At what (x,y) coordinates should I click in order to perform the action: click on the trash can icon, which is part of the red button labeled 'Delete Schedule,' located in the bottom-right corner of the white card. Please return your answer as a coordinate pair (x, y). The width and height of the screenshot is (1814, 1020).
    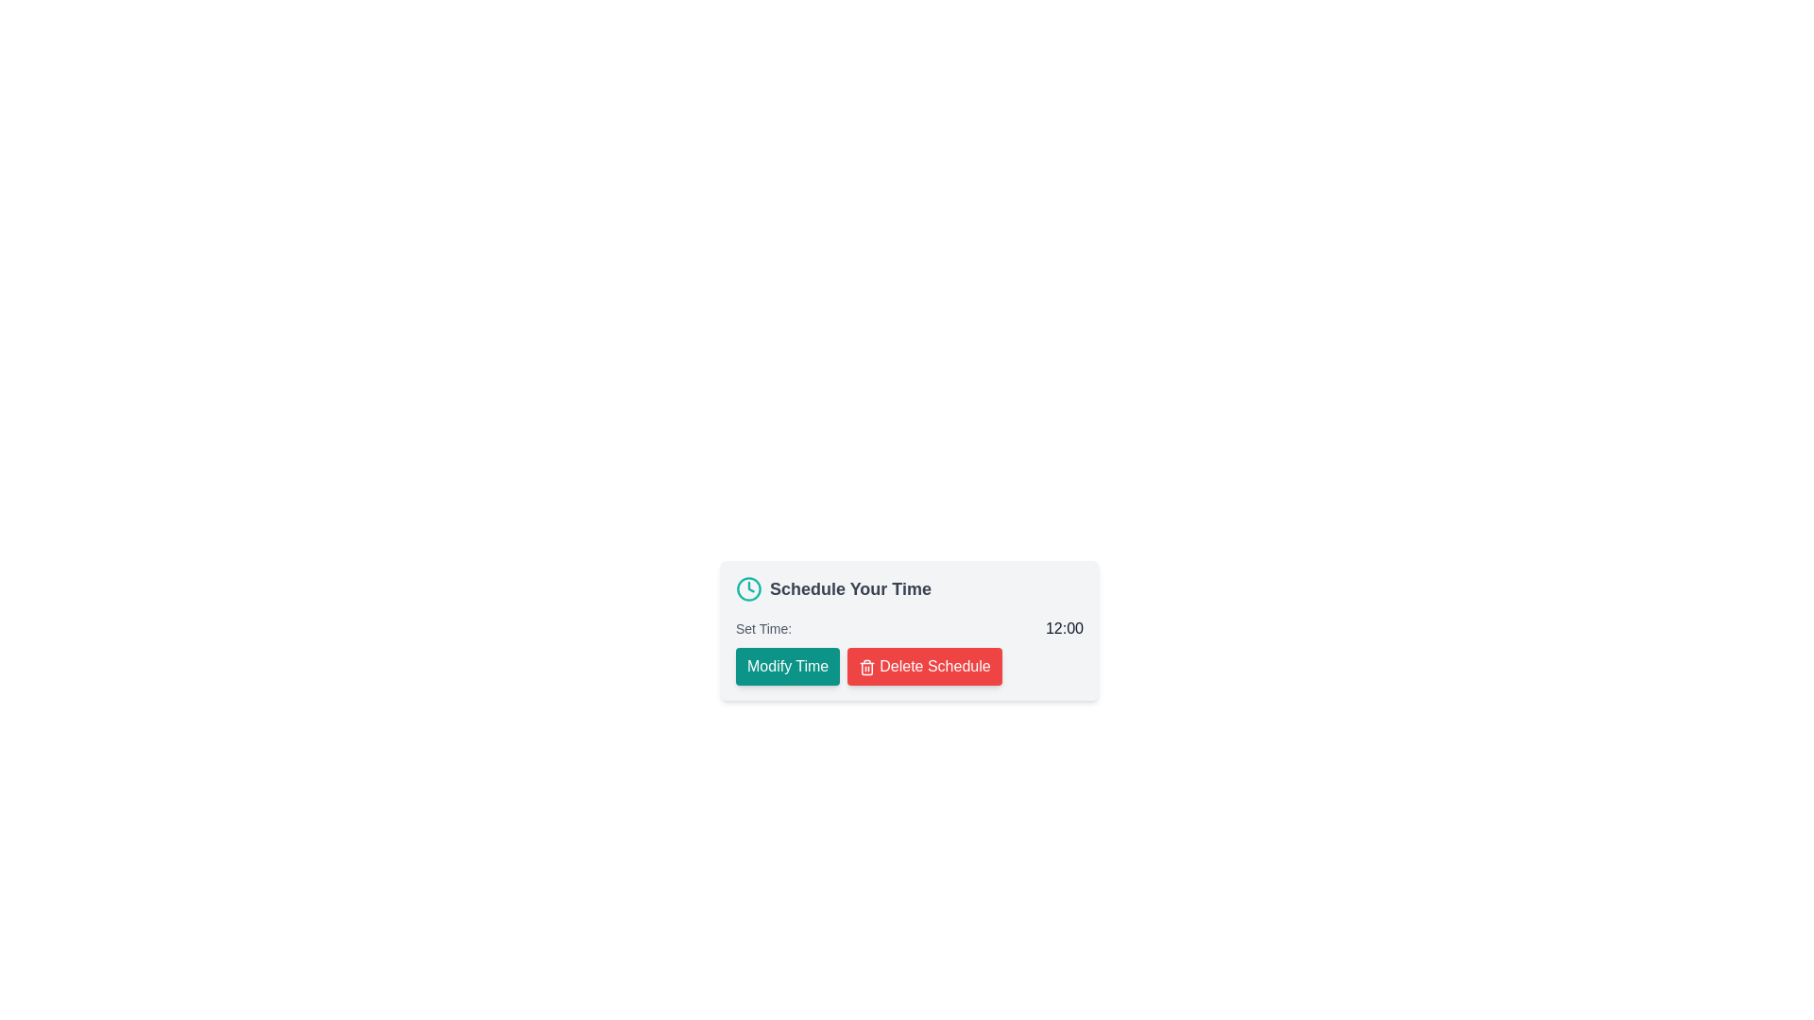
    Looking at the image, I should click on (866, 668).